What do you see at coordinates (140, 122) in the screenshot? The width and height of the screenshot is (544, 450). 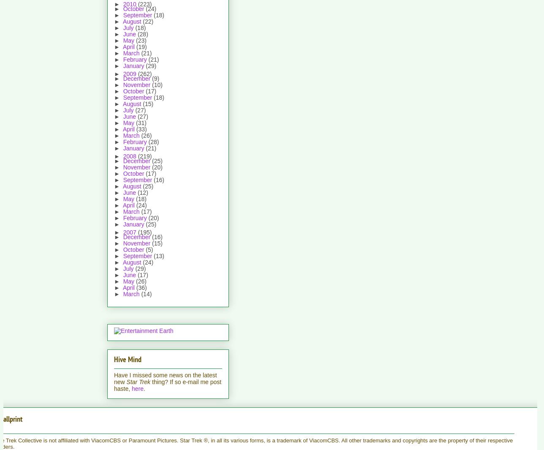 I see `'(31)'` at bounding box center [140, 122].